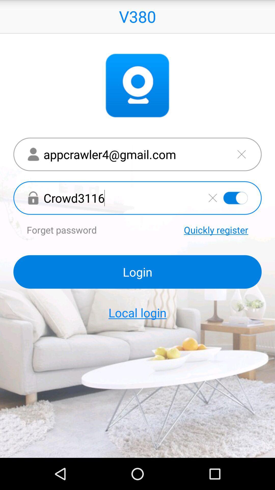 This screenshot has width=275, height=490. I want to click on switch show/do n't show, so click(236, 198).